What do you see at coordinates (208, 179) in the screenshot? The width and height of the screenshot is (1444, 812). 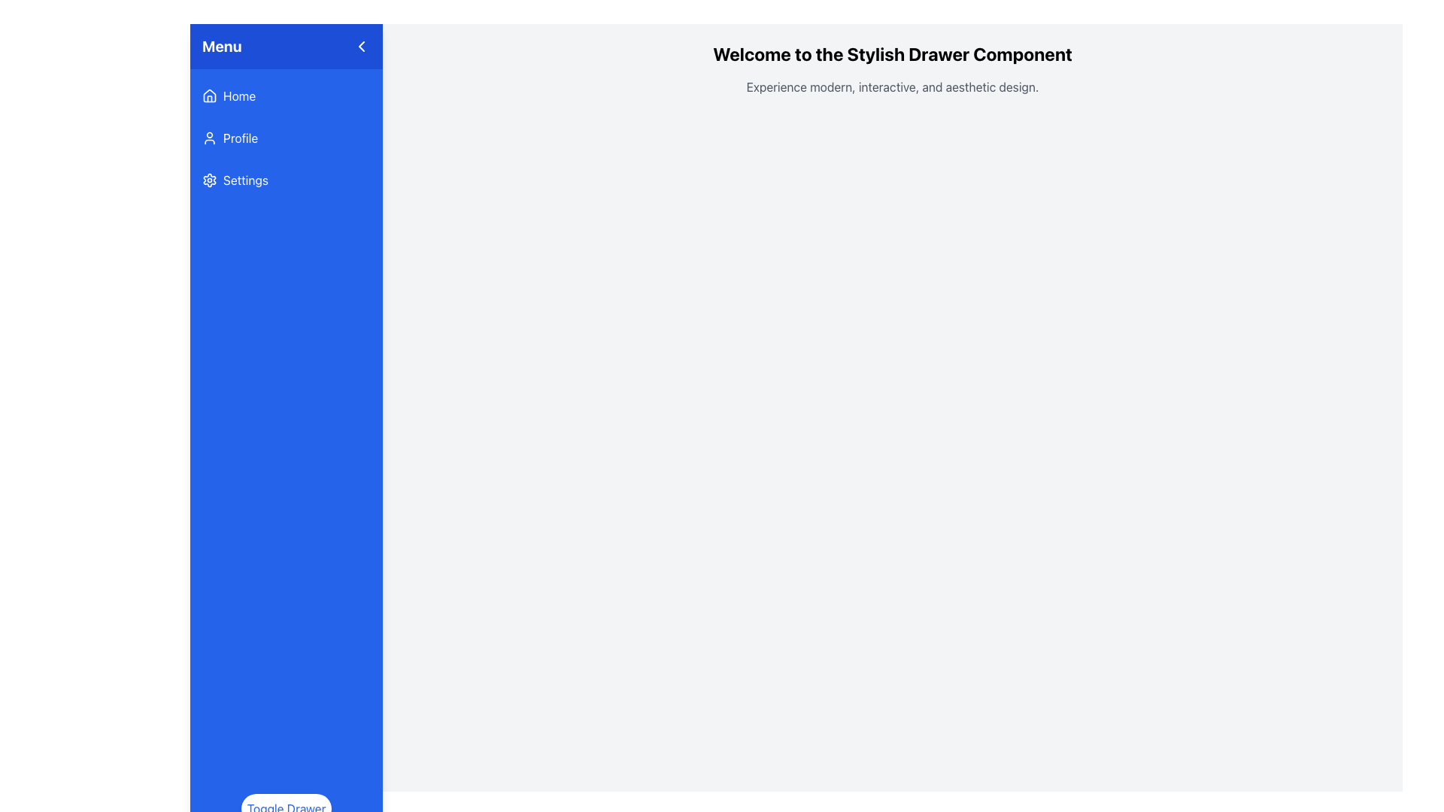 I see `the circular gear icon with a blue fill and white strokes next to the 'Settings' text to interact with the settings menu` at bounding box center [208, 179].